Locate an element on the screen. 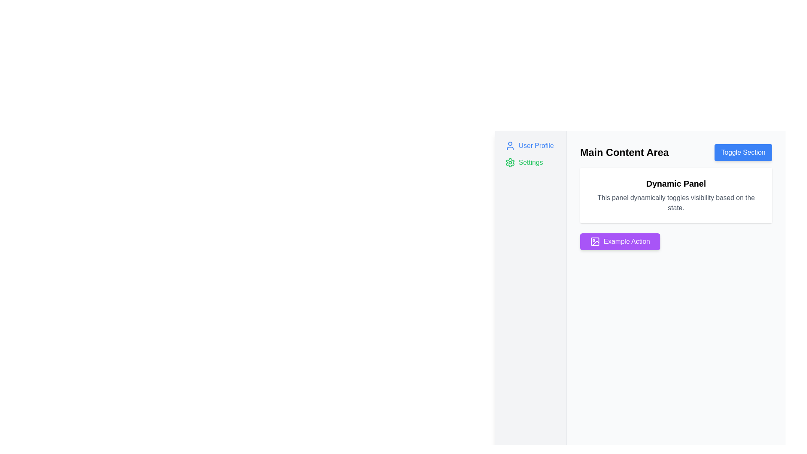  the 'Toggle Section' button, which is a rectangular button with a blue background and white text, located near the top-right corner of the 'Main Content Area' section is located at coordinates (743, 152).